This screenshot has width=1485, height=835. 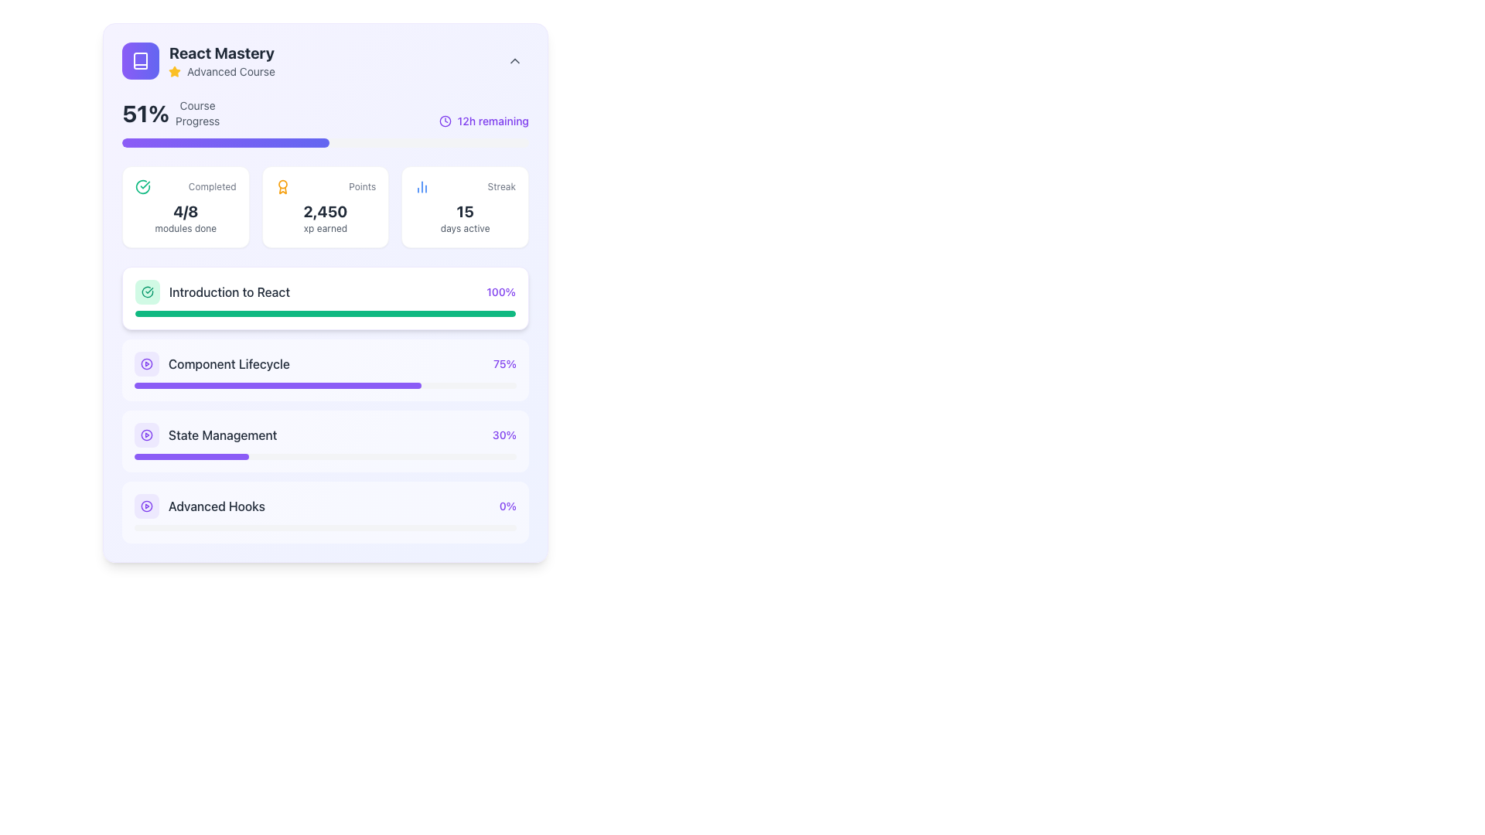 What do you see at coordinates (282, 186) in the screenshot?
I see `the 'Points' icon, which visually represents the concept of 'Points' and is located to the left of the numerical value under the course progress section` at bounding box center [282, 186].